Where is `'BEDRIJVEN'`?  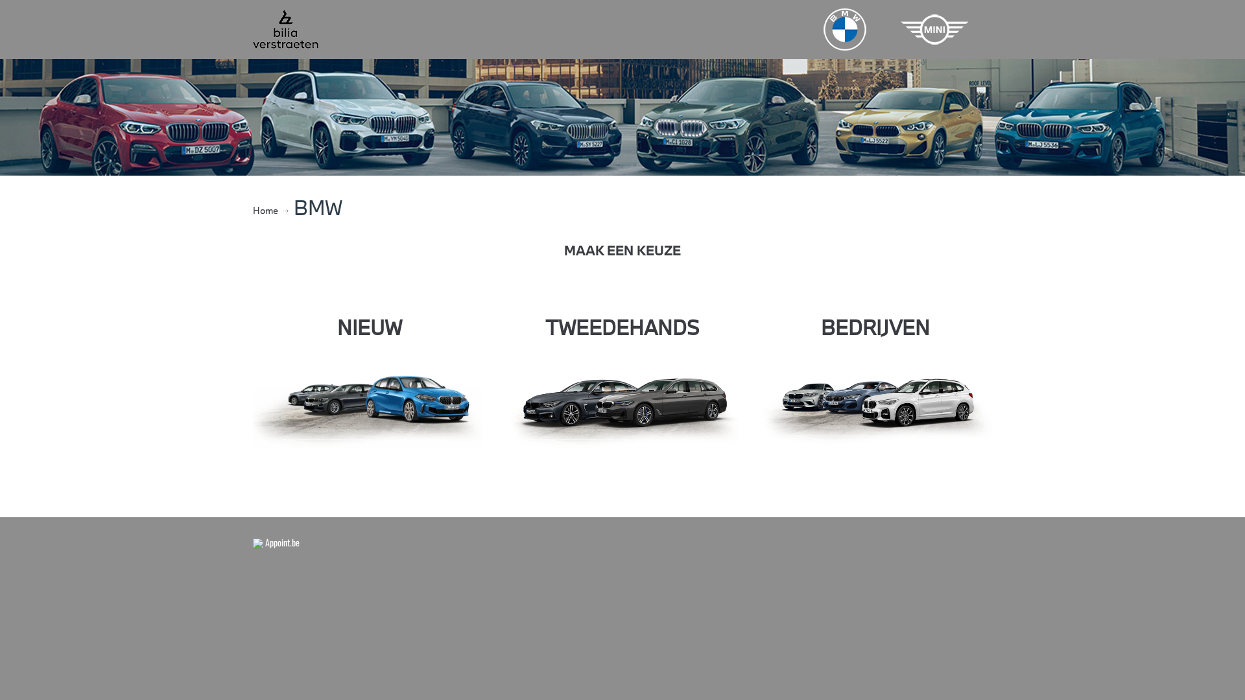 'BEDRIJVEN' is located at coordinates (875, 327).